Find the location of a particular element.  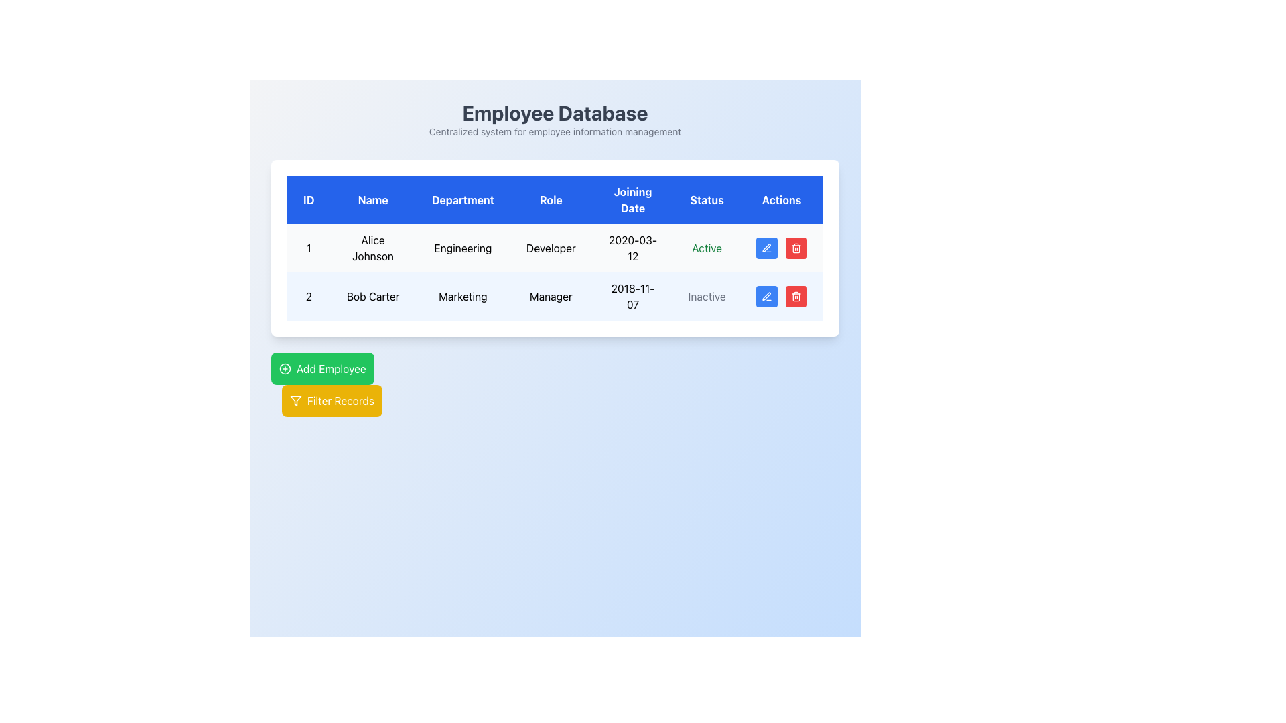

the text label displaying '2020-03-12' in the 'Joining Date' column of the employee data table for Alice Johnson is located at coordinates (632, 248).